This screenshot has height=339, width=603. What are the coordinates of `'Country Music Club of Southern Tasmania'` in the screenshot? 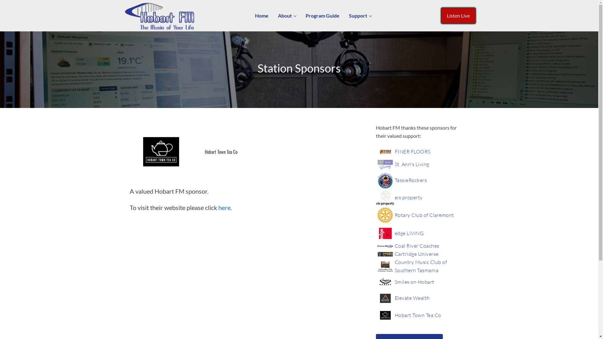 It's located at (427, 266).